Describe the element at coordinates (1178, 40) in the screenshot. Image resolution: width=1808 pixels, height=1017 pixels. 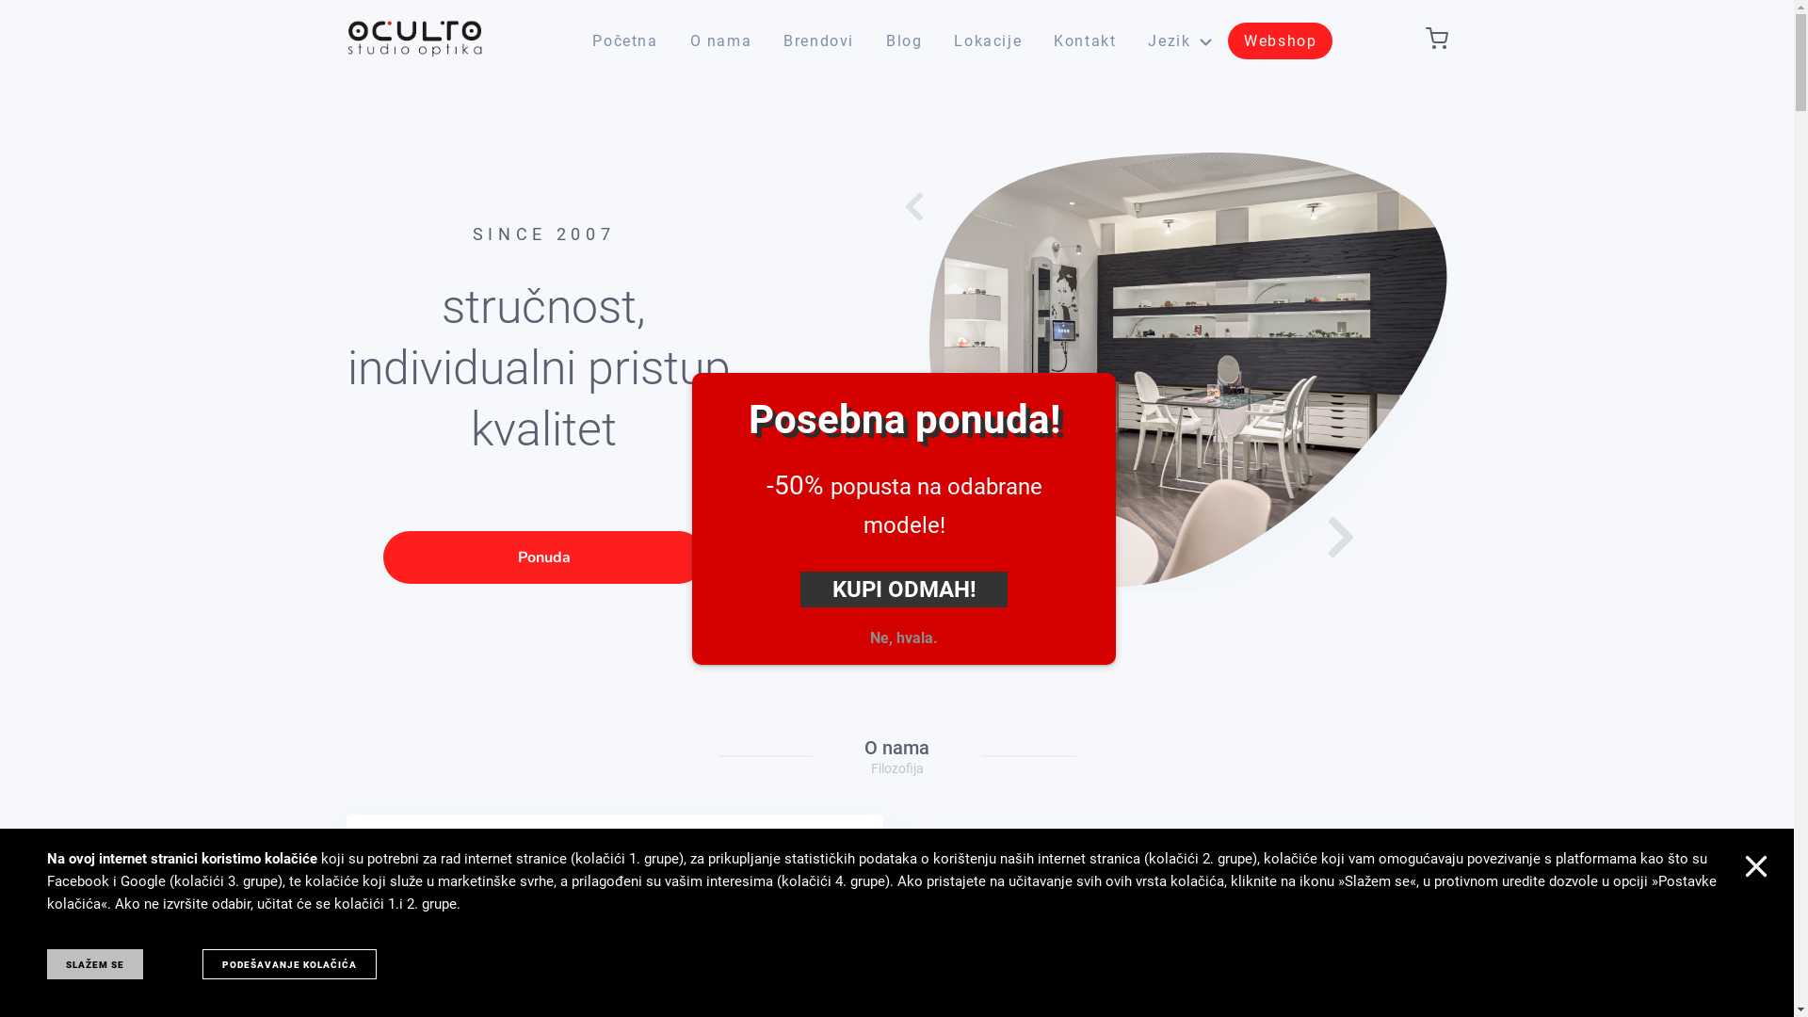
I see `'Jezik'` at that location.